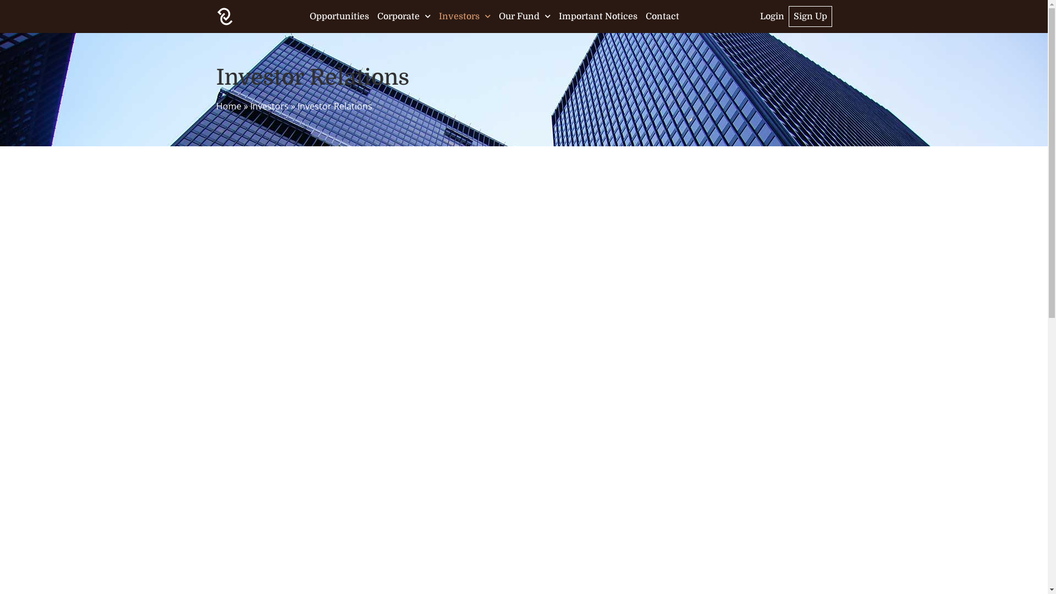 The width and height of the screenshot is (1056, 594). Describe the element at coordinates (227, 106) in the screenshot. I see `'Home'` at that location.